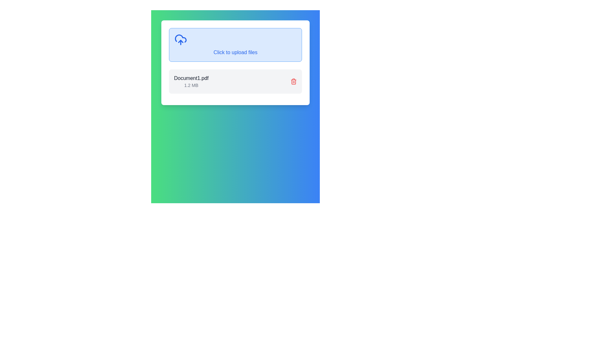 The image size is (611, 344). Describe the element at coordinates (180, 39) in the screenshot. I see `the SVG icon in the upper left corner of the upload area, which indicates the functionality of uploading files` at that location.